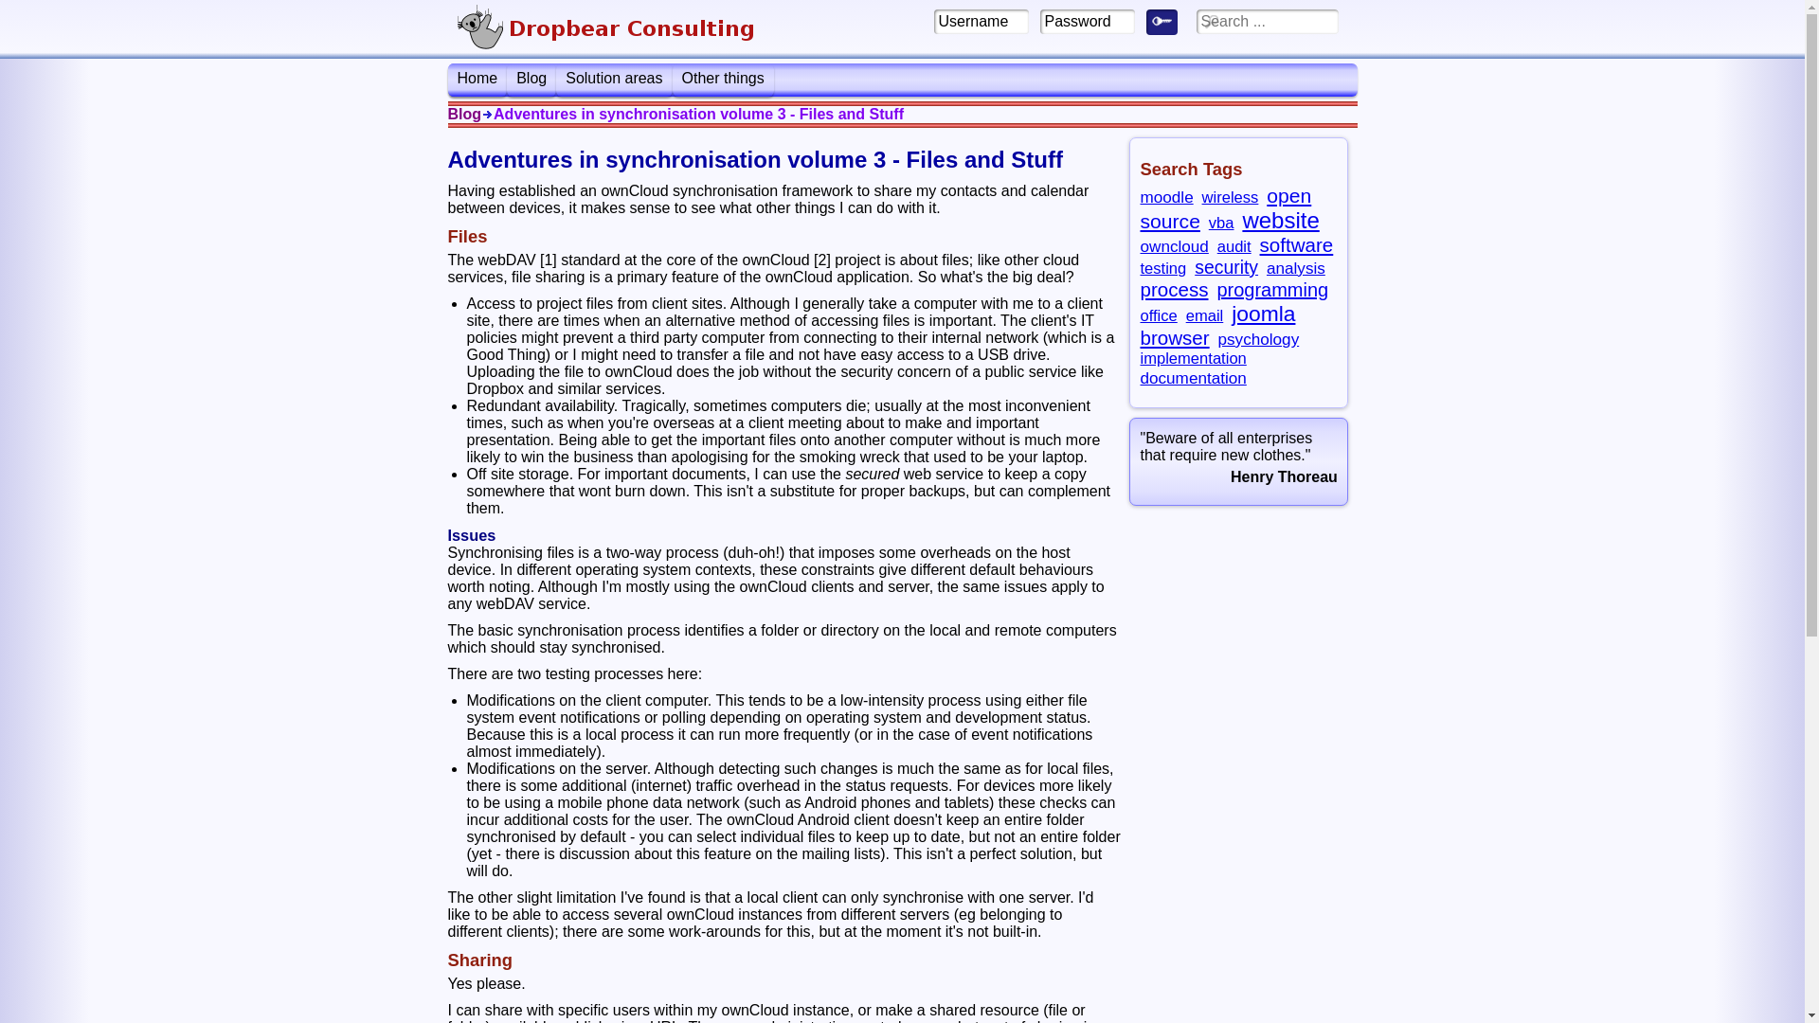 The height and width of the screenshot is (1023, 1819). Describe the element at coordinates (463, 114) in the screenshot. I see `'Blog'` at that location.